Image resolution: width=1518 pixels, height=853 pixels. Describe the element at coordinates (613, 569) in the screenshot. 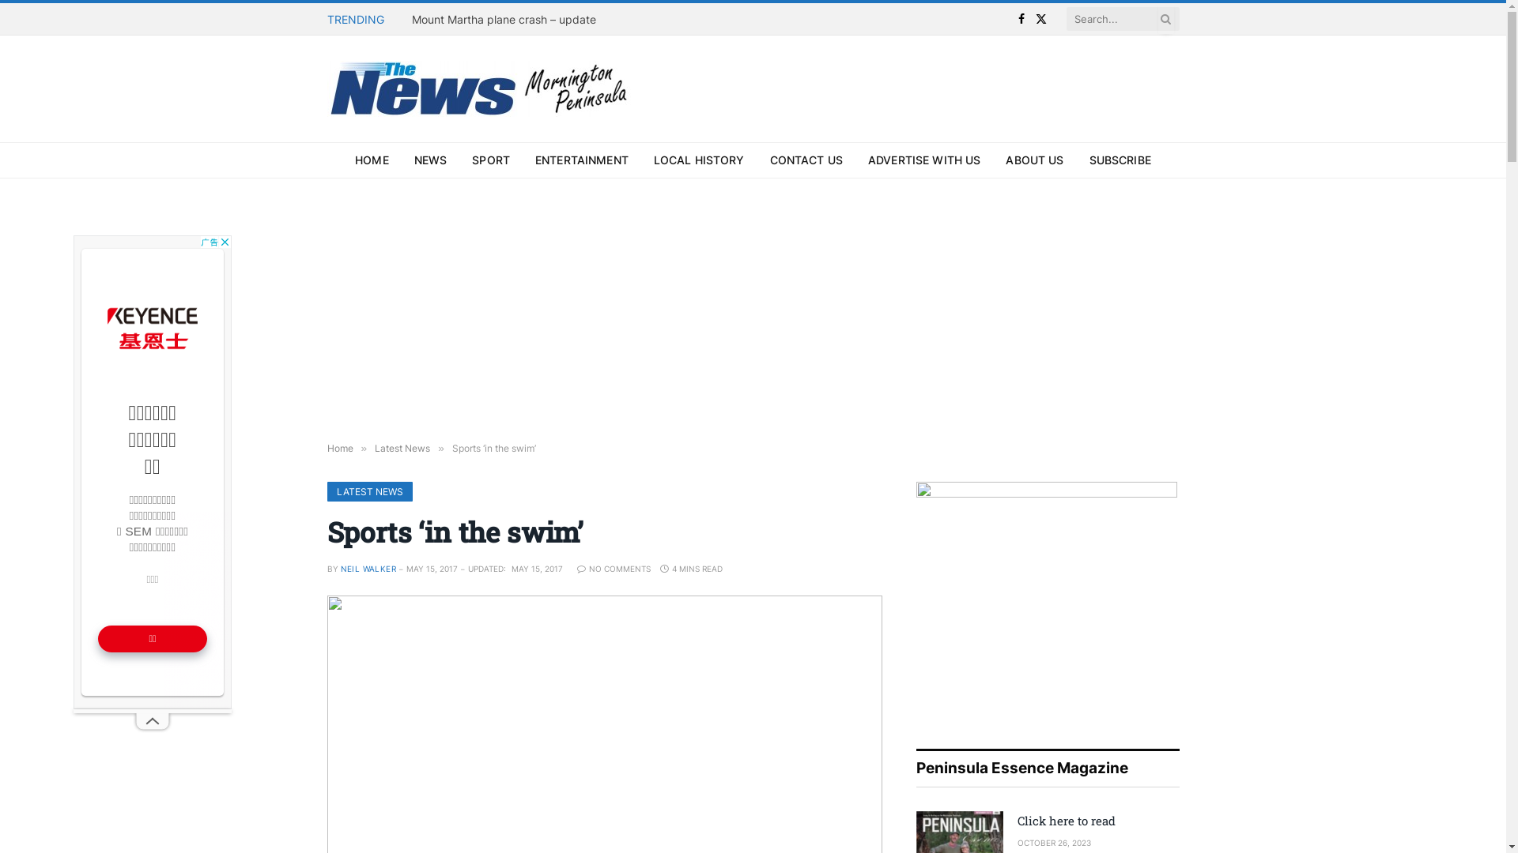

I see `'NO COMMENTS'` at that location.